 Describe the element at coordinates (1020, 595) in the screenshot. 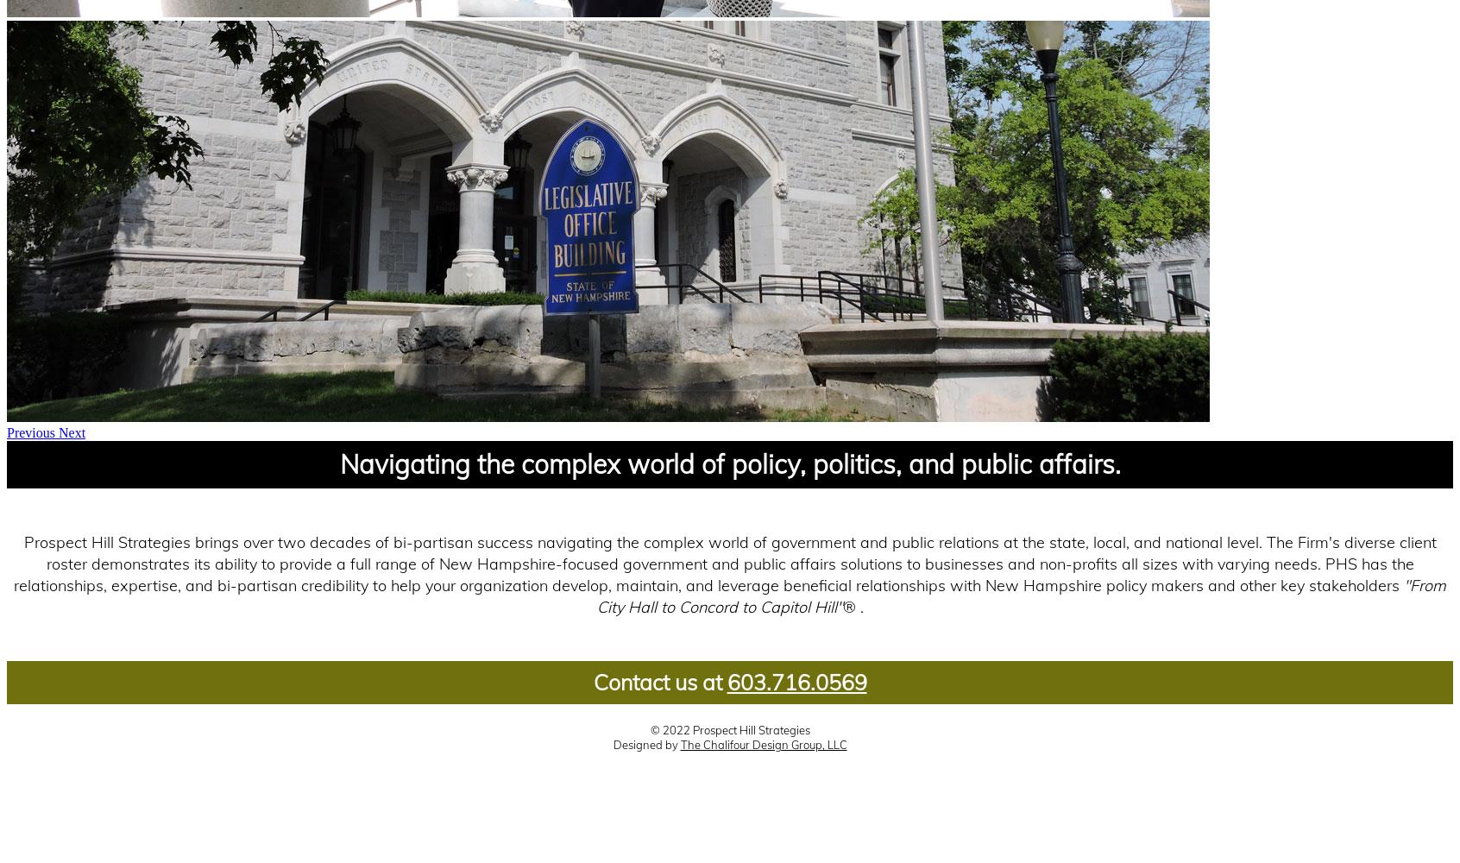

I see `'"From City Hall to Concord to Capitol Hill"'` at that location.